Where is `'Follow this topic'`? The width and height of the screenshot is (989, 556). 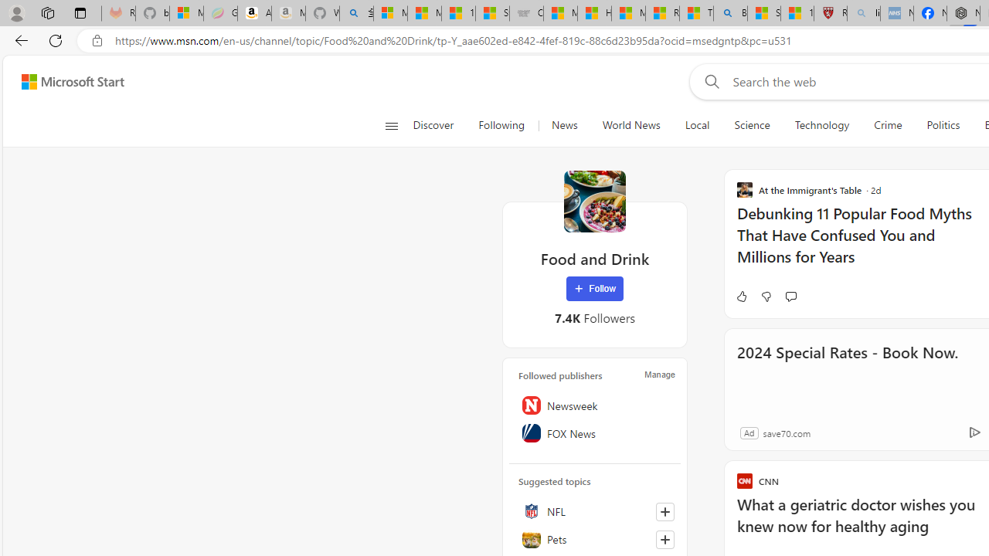
'Follow this topic' is located at coordinates (664, 538).